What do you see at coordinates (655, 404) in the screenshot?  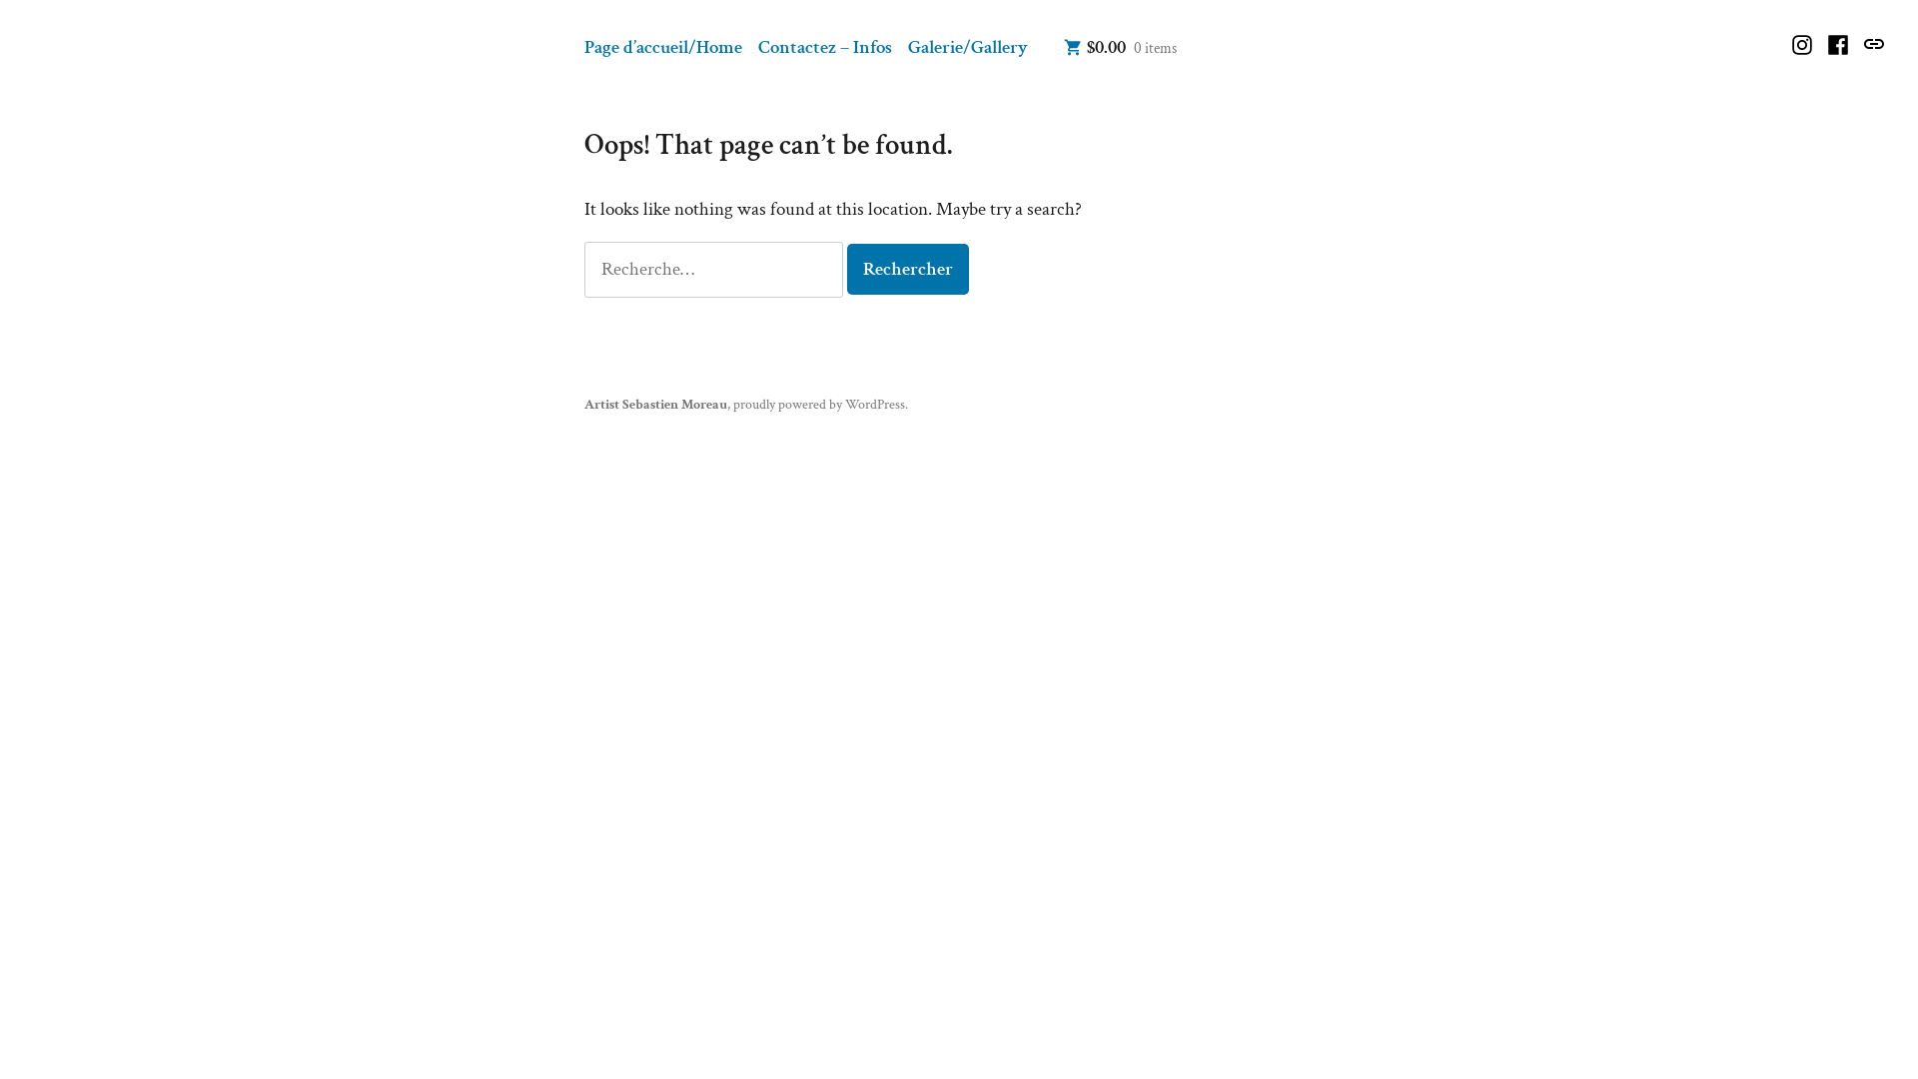 I see `'Artist Sebastien Moreau'` at bounding box center [655, 404].